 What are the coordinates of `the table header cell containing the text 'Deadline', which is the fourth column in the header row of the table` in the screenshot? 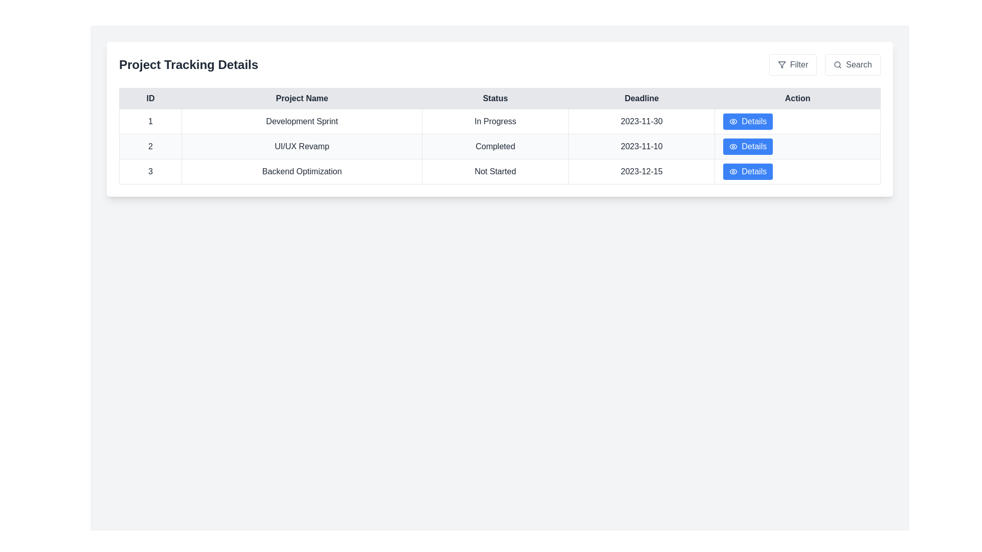 It's located at (641, 98).